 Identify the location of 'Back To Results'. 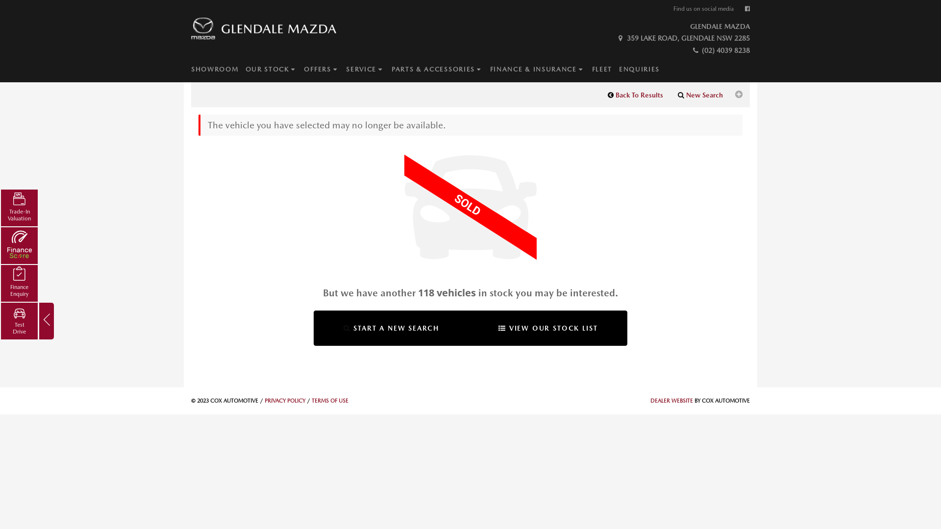
(635, 95).